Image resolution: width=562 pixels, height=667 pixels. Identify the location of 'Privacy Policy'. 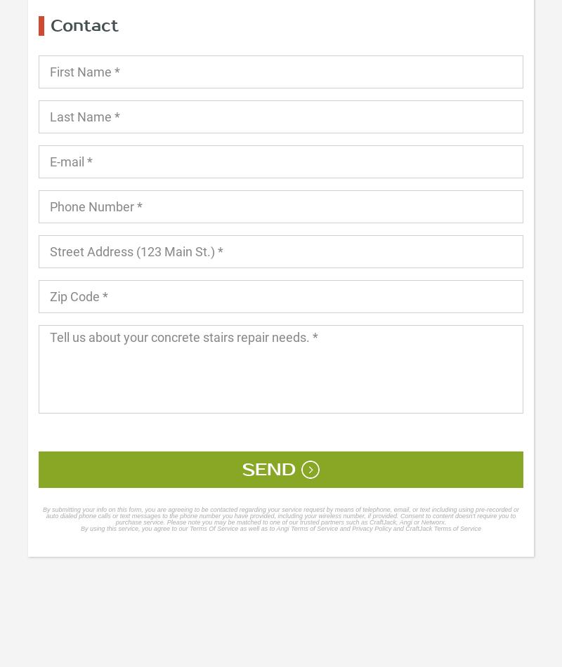
(351, 527).